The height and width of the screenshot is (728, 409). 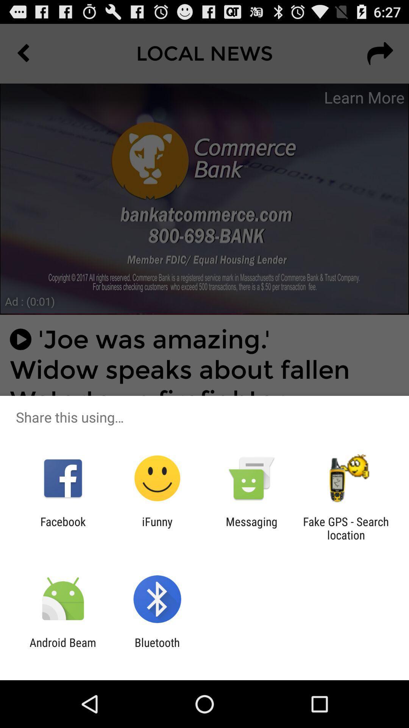 What do you see at coordinates (157, 528) in the screenshot?
I see `ifunny item` at bounding box center [157, 528].